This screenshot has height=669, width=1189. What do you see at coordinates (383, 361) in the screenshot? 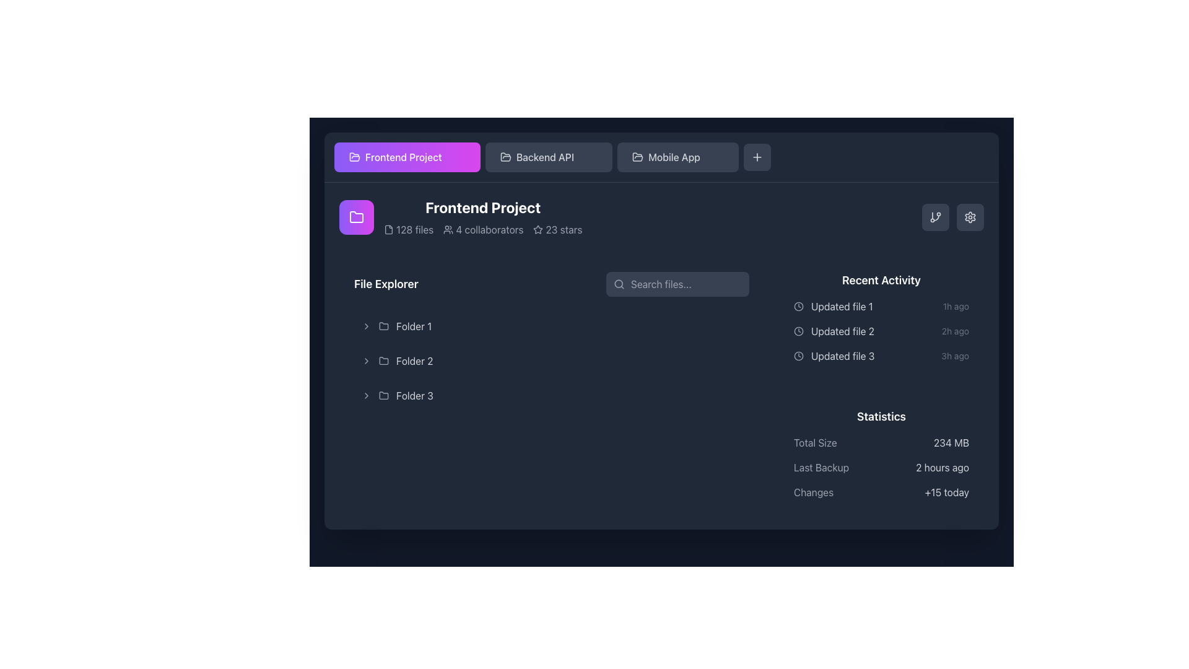
I see `the folder icon labeled 'Folder 2' in the sidebar of the file explorer` at bounding box center [383, 361].